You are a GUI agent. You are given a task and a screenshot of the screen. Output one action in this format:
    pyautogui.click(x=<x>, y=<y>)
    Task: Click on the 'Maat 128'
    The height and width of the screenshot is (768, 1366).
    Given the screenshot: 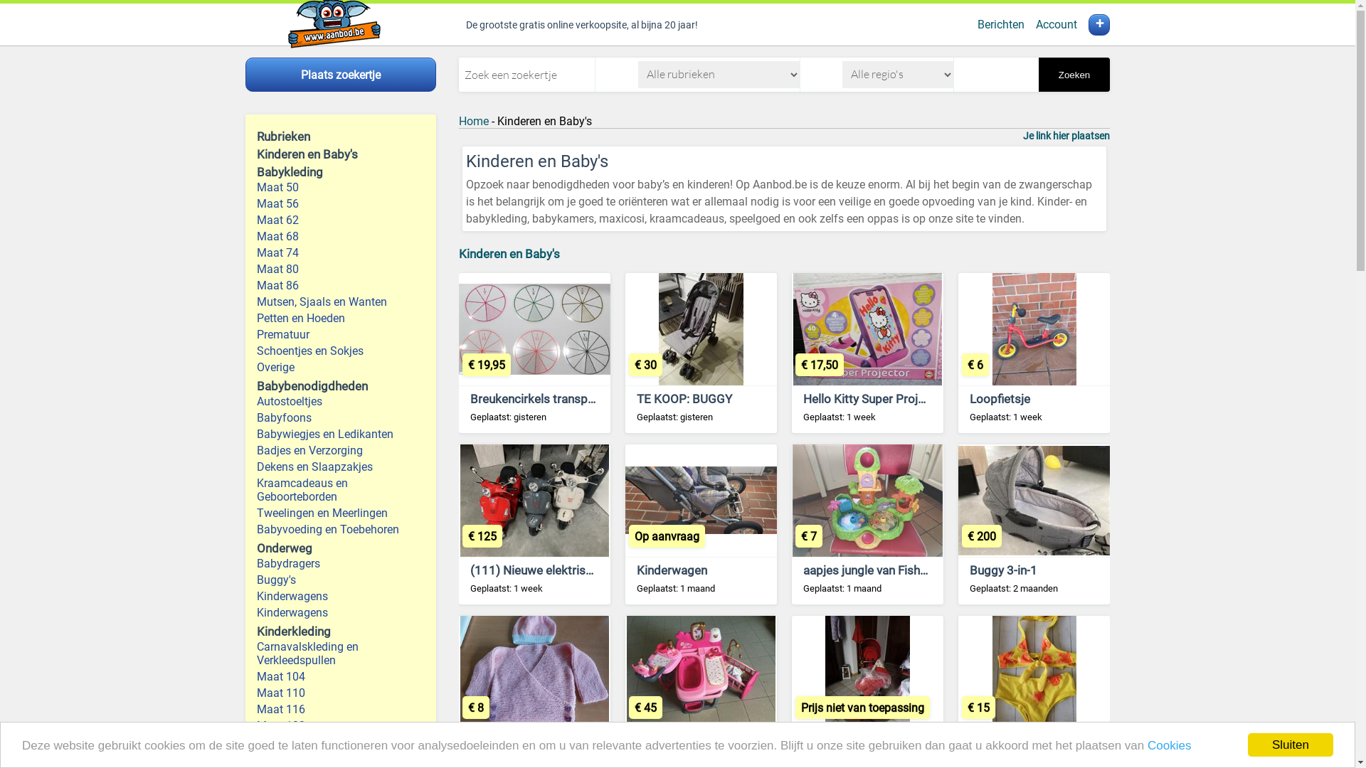 What is the action you would take?
    pyautogui.click(x=256, y=741)
    